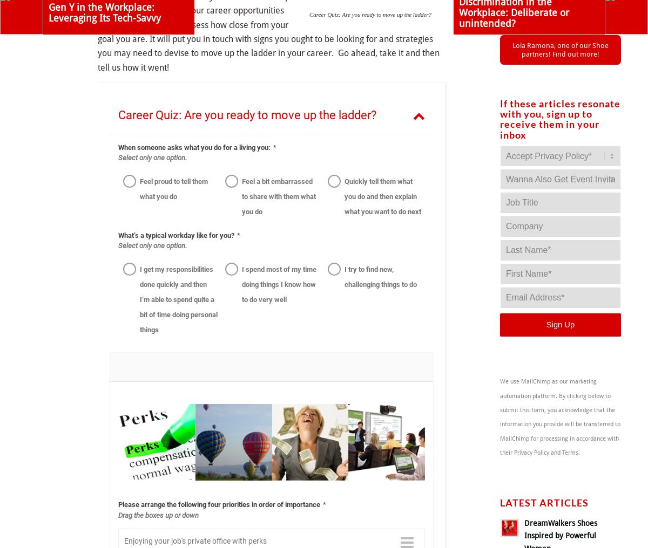  Describe the element at coordinates (370, 13) in the screenshot. I see `'Career Quiz: Are you ready to move up the ladder?'` at that location.